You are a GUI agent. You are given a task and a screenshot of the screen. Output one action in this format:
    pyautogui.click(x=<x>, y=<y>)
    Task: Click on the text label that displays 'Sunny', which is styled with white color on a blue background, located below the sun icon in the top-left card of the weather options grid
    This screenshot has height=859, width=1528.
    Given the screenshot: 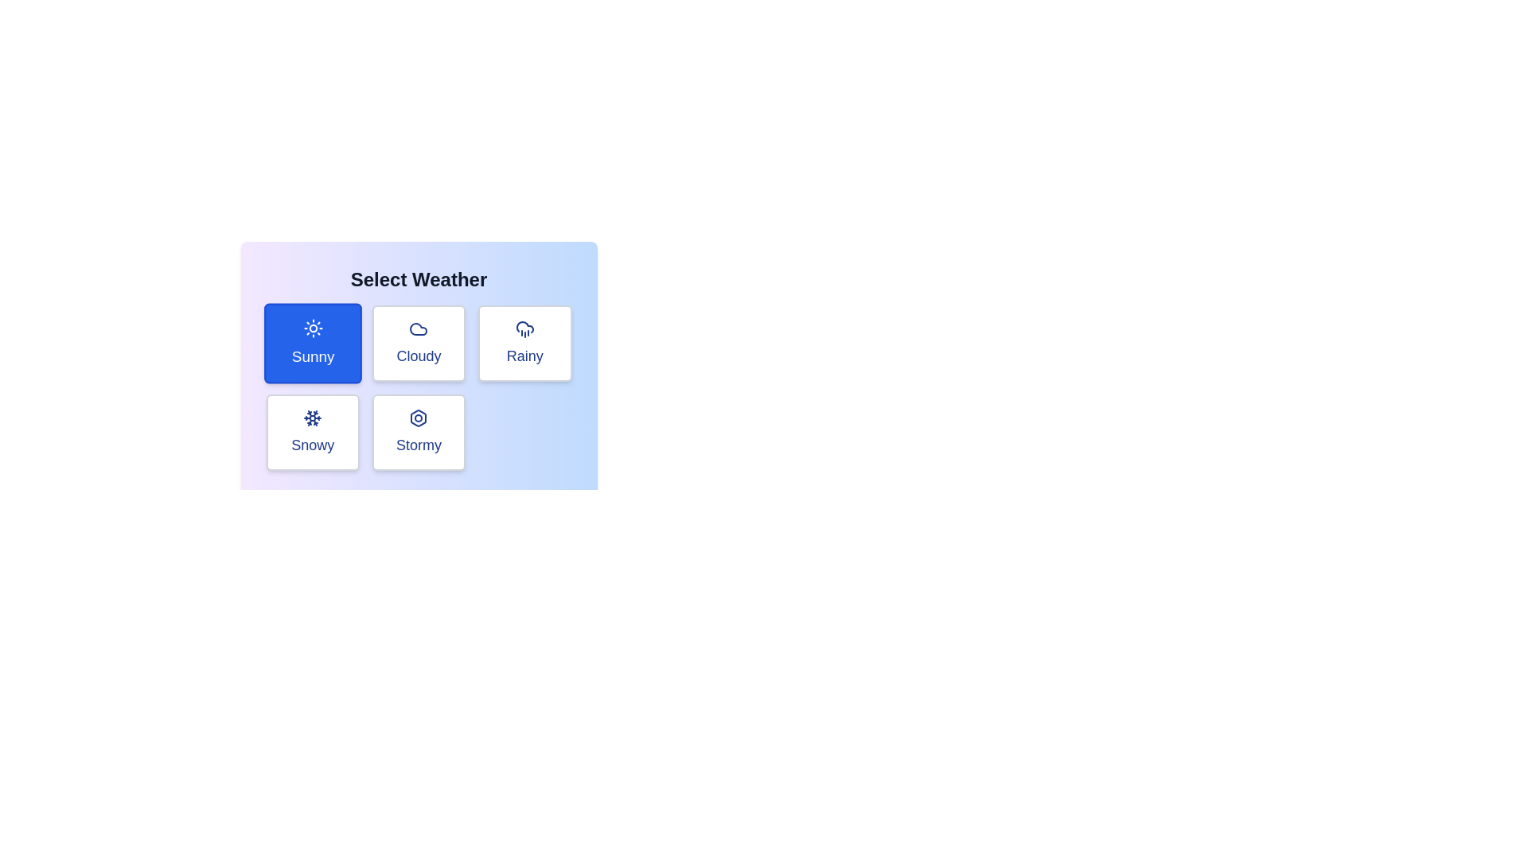 What is the action you would take?
    pyautogui.click(x=313, y=356)
    